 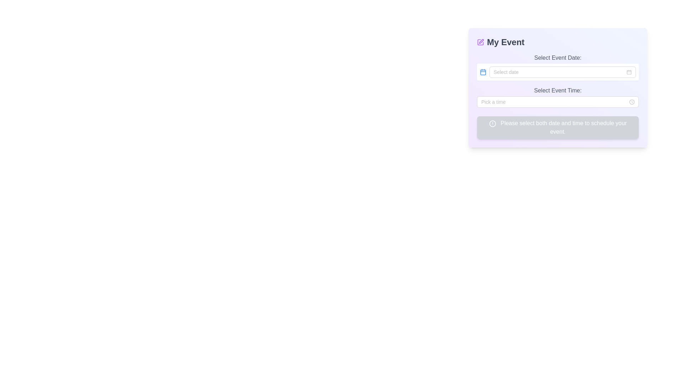 What do you see at coordinates (562, 72) in the screenshot?
I see `the date picker input field labeled 'Select date' in the 'Select Event Date:' section of the 'My Event' form` at bounding box center [562, 72].